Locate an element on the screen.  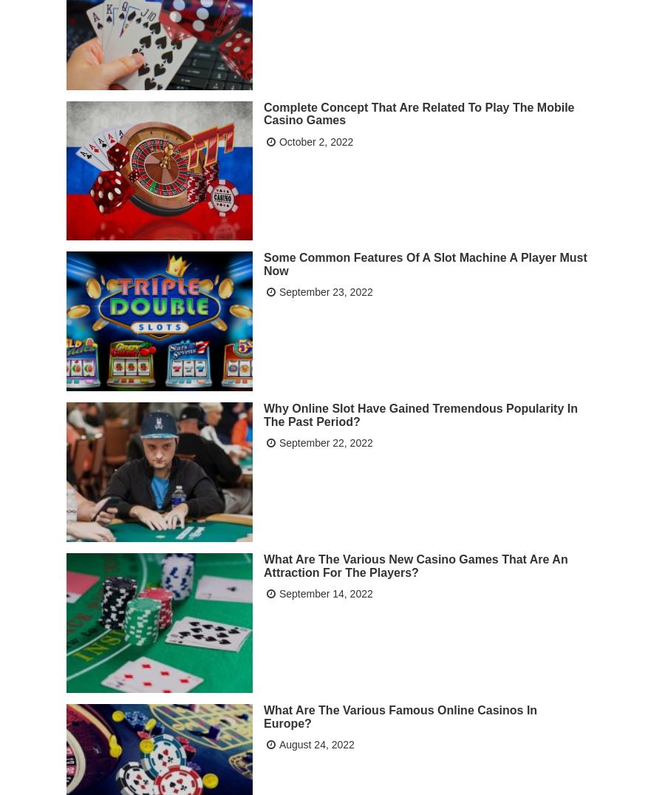
'Why Online Slot Have Gained Tremendous Popularity In The Past Period?' is located at coordinates (420, 413).